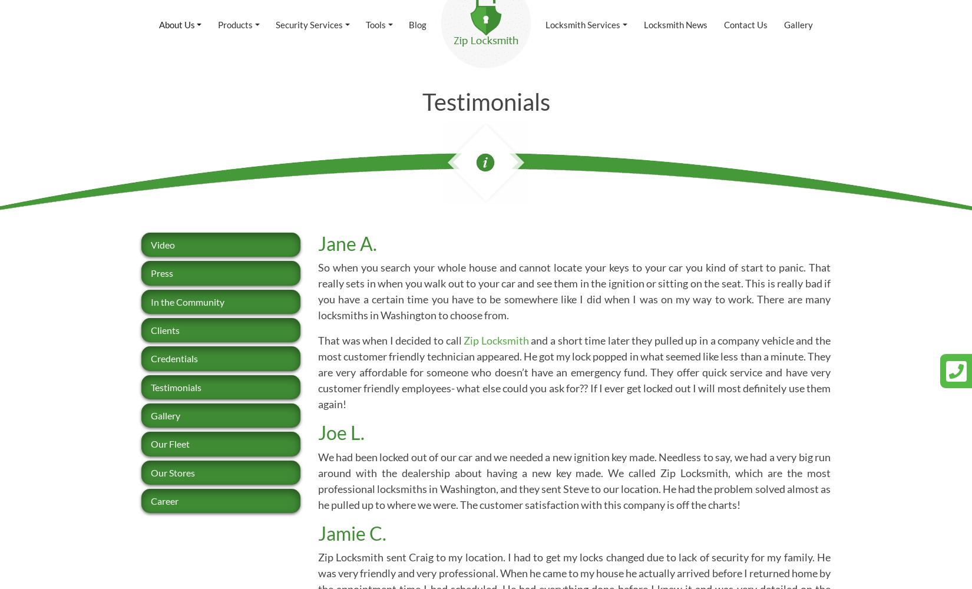 Image resolution: width=972 pixels, height=589 pixels. Describe the element at coordinates (583, 24) in the screenshot. I see `'Locksmith Services'` at that location.